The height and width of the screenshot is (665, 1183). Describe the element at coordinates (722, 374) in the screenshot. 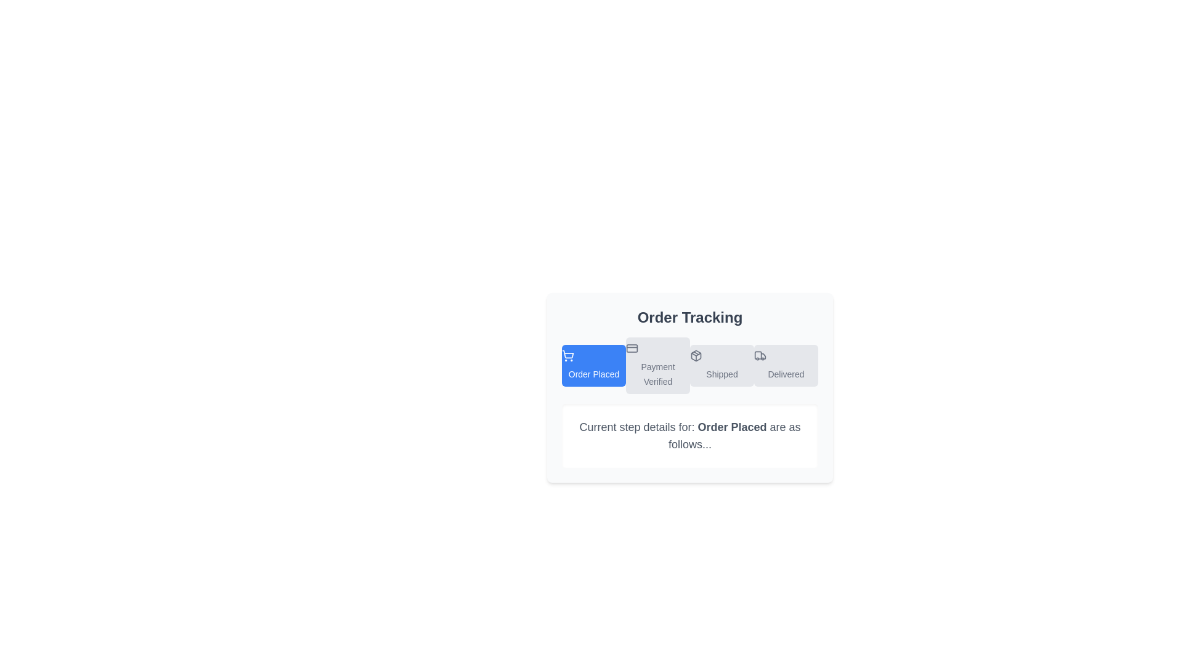

I see `the 'Shipped' text label` at that location.